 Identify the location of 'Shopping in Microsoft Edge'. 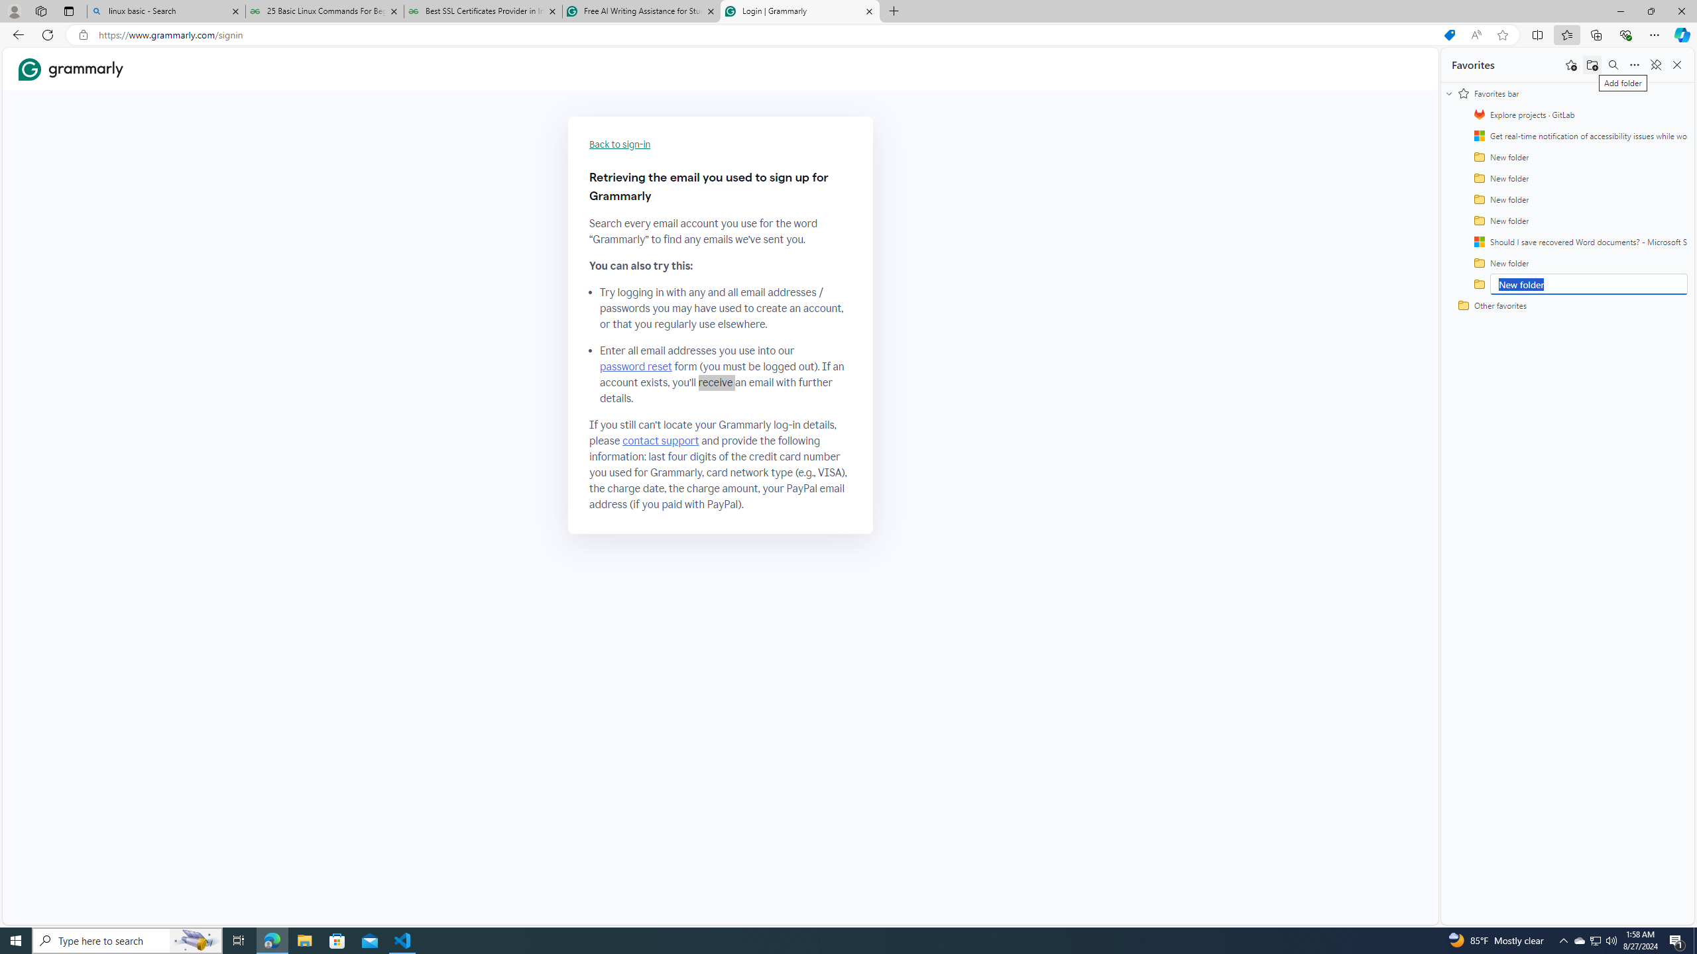
(1448, 35).